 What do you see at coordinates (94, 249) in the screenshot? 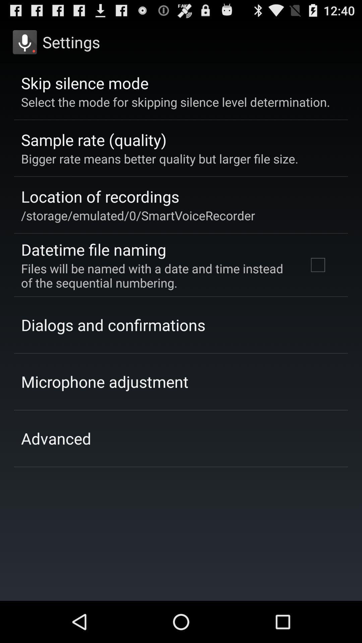
I see `datetime file naming icon` at bounding box center [94, 249].